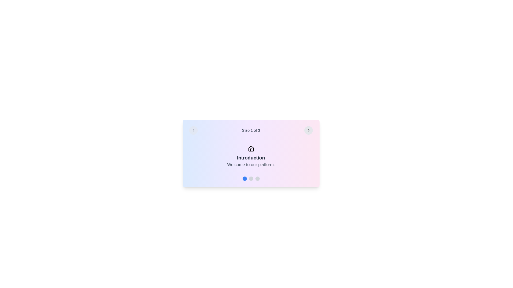  What do you see at coordinates (251, 130) in the screenshot?
I see `the static text label that displays the current step and total number of steps, positioned centrally between the step navigation buttons` at bounding box center [251, 130].